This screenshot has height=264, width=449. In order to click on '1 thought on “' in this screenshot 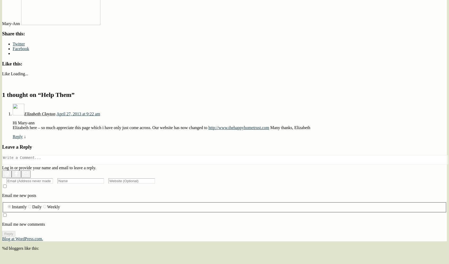, I will do `click(2, 95)`.